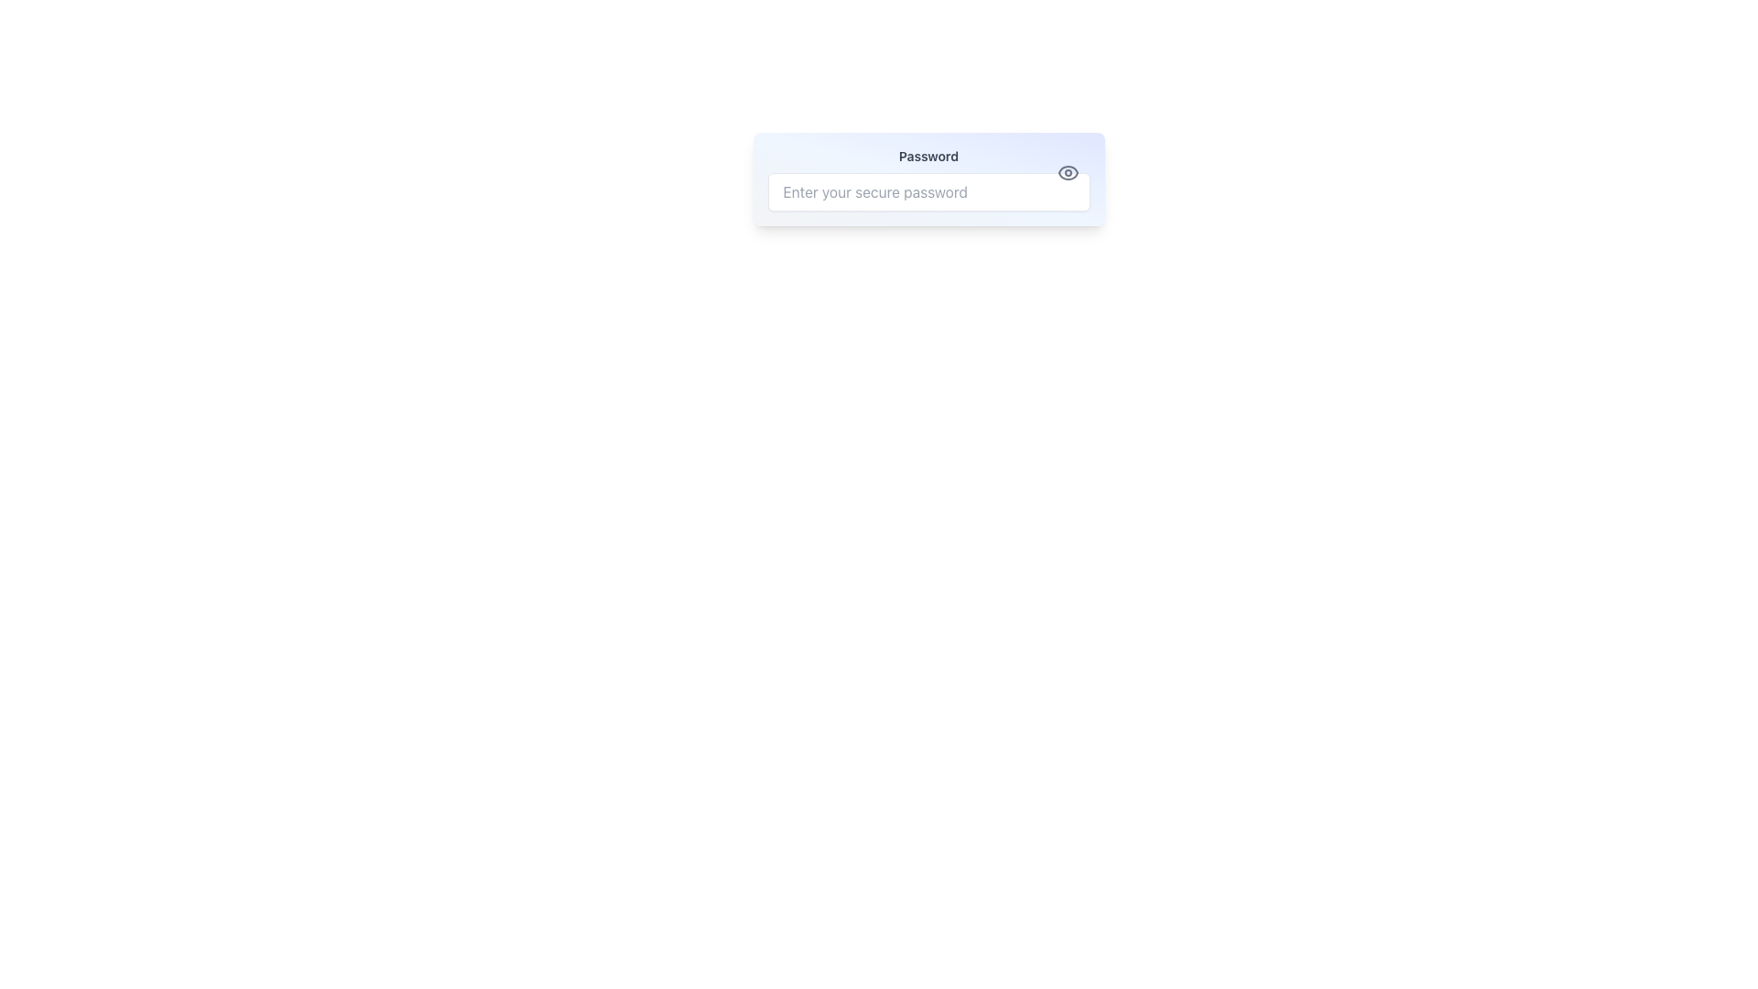  I want to click on the password label that guides the user to enter their secure password, which is located above the password input box in a rounded form-like component, so click(928, 155).